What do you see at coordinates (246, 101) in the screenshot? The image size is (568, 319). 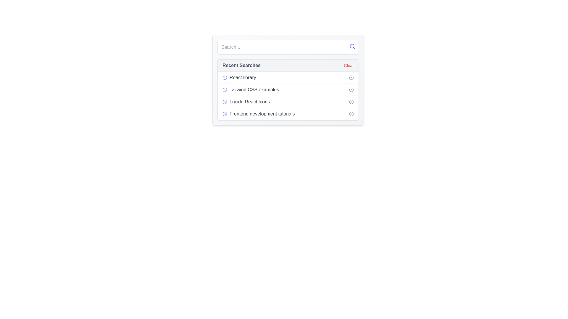 I see `the clock icon of the third search history item, which is between 'Tailwind CSS examples' and 'Frontend development tutorials'` at bounding box center [246, 101].